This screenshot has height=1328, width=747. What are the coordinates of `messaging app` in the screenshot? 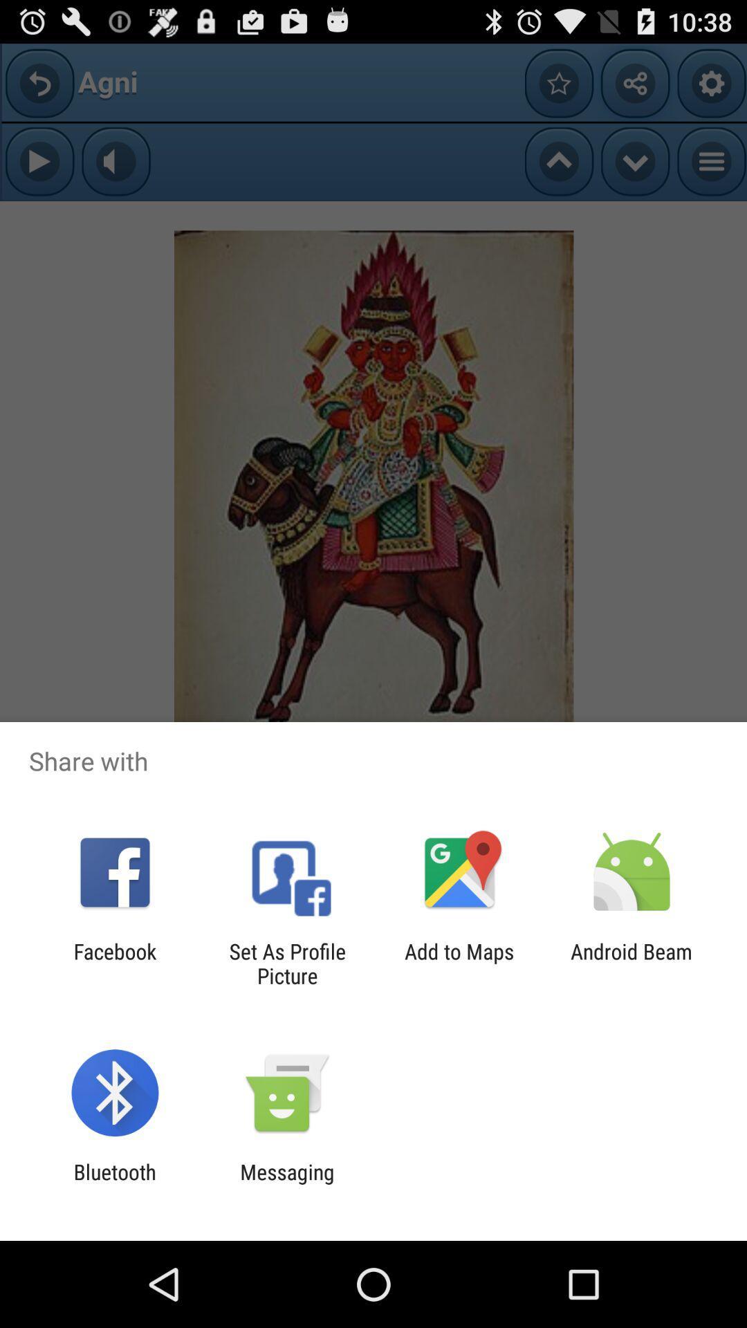 It's located at (286, 1183).